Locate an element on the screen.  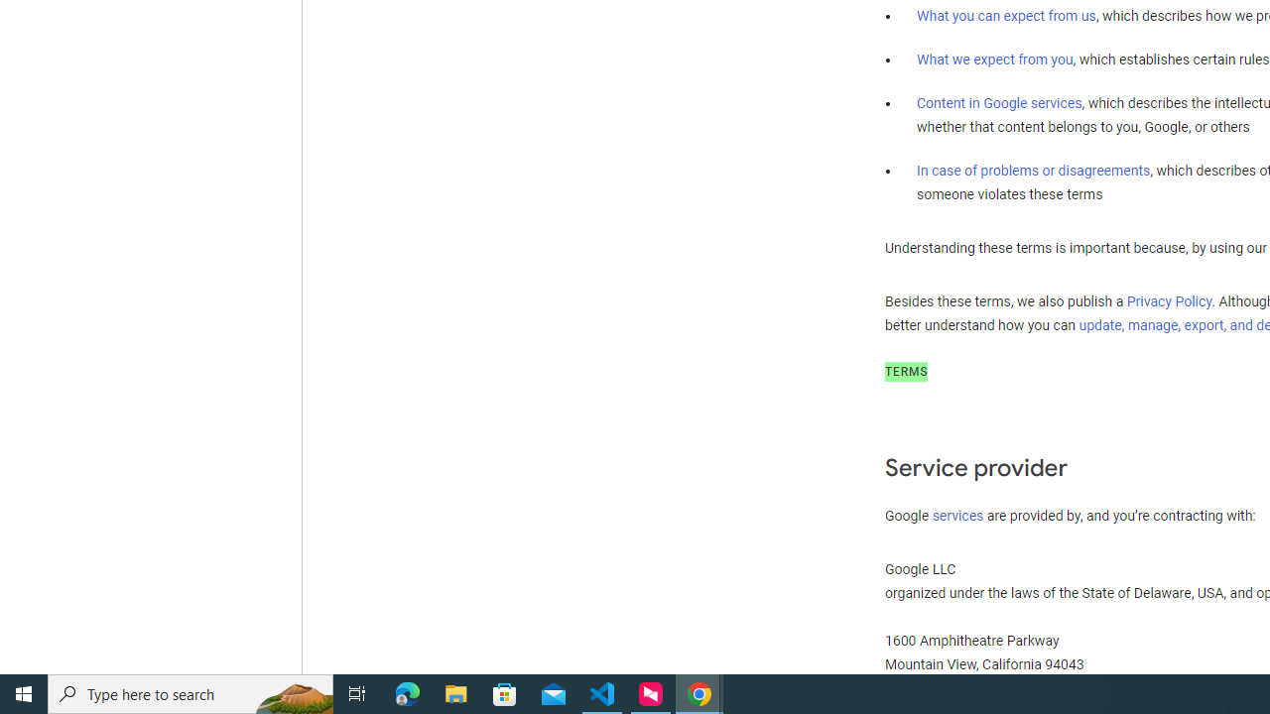
'What we expect from you' is located at coordinates (994, 59).